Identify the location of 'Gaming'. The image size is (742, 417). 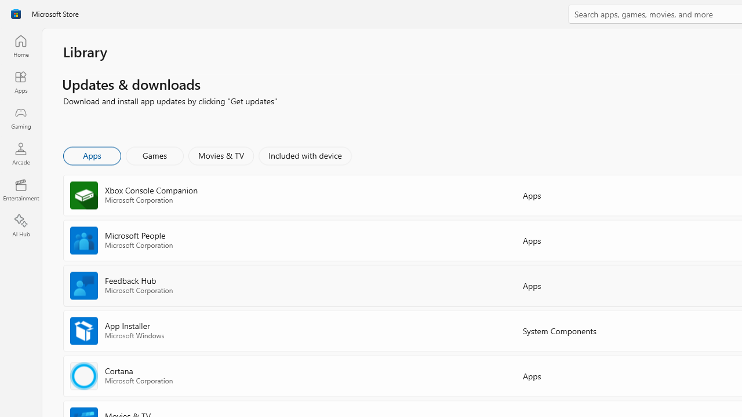
(20, 118).